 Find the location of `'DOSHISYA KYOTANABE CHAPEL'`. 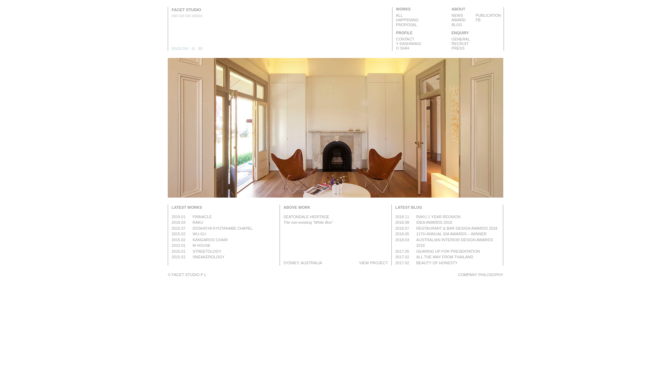

'DOSHISYA KYOTANABE CHAPEL' is located at coordinates (234, 228).